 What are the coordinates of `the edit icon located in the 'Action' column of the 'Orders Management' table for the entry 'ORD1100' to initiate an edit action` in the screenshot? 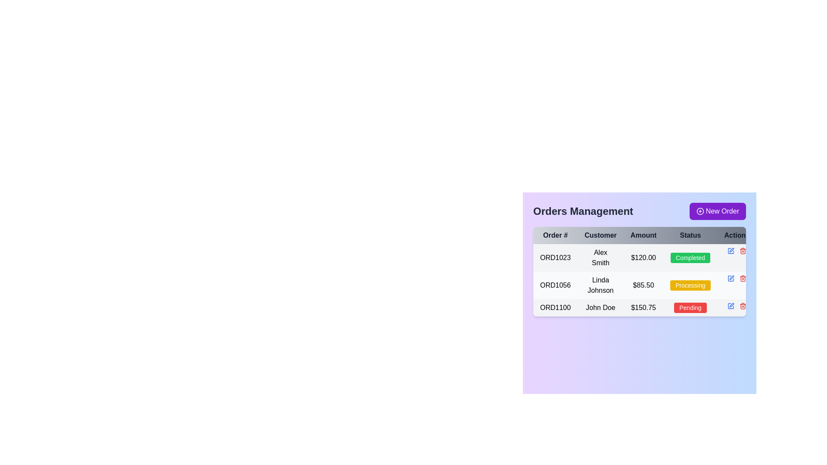 It's located at (730, 279).